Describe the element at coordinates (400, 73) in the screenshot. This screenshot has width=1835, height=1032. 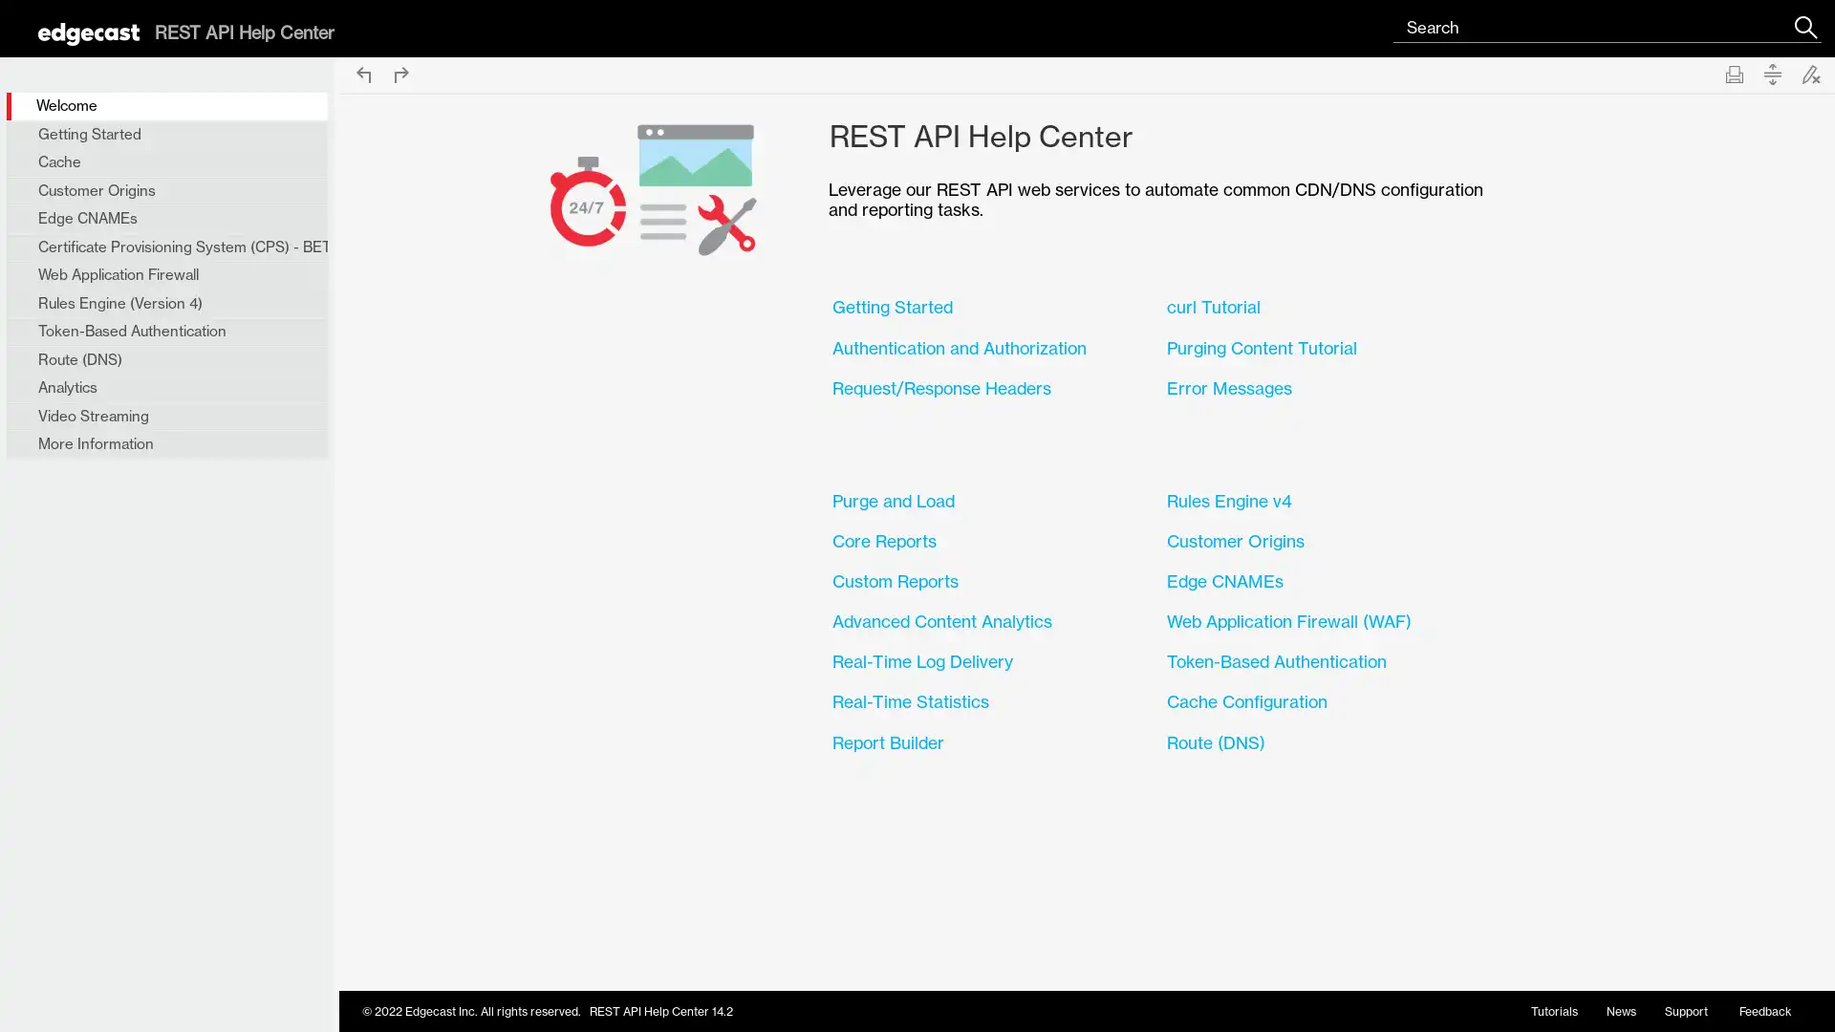
I see `next topic` at that location.